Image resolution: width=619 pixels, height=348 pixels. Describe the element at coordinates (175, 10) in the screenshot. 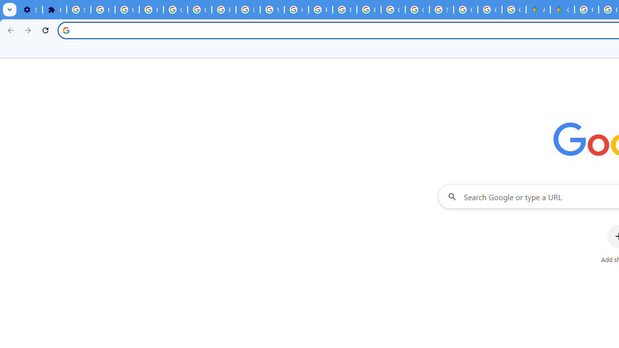

I see `'Google Account Help'` at that location.